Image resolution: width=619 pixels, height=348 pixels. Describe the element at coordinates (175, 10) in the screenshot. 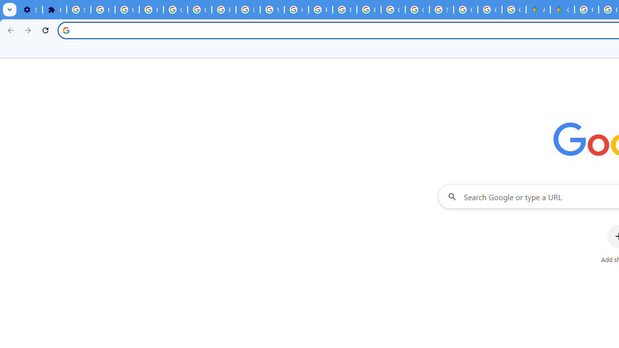

I see `'Google Account Help'` at that location.